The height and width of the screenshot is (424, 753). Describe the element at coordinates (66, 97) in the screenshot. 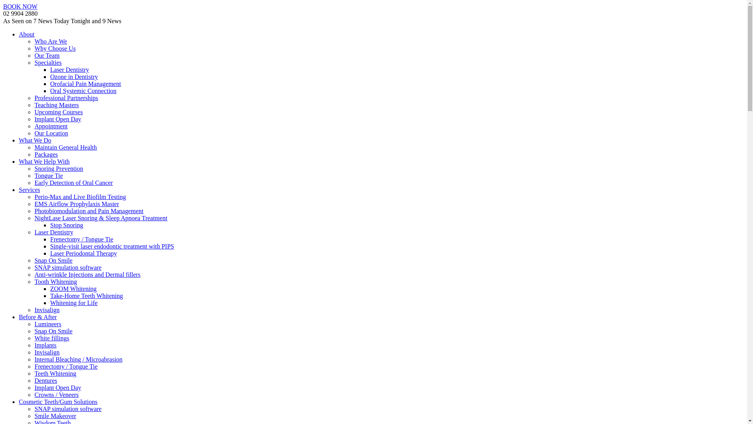

I see `'Professional Partnerships'` at that location.